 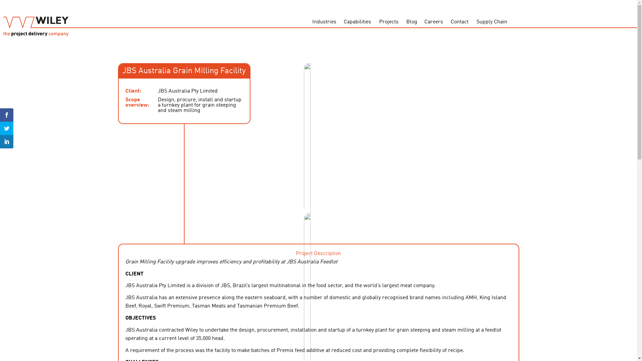 What do you see at coordinates (460, 22) in the screenshot?
I see `'Contact'` at bounding box center [460, 22].